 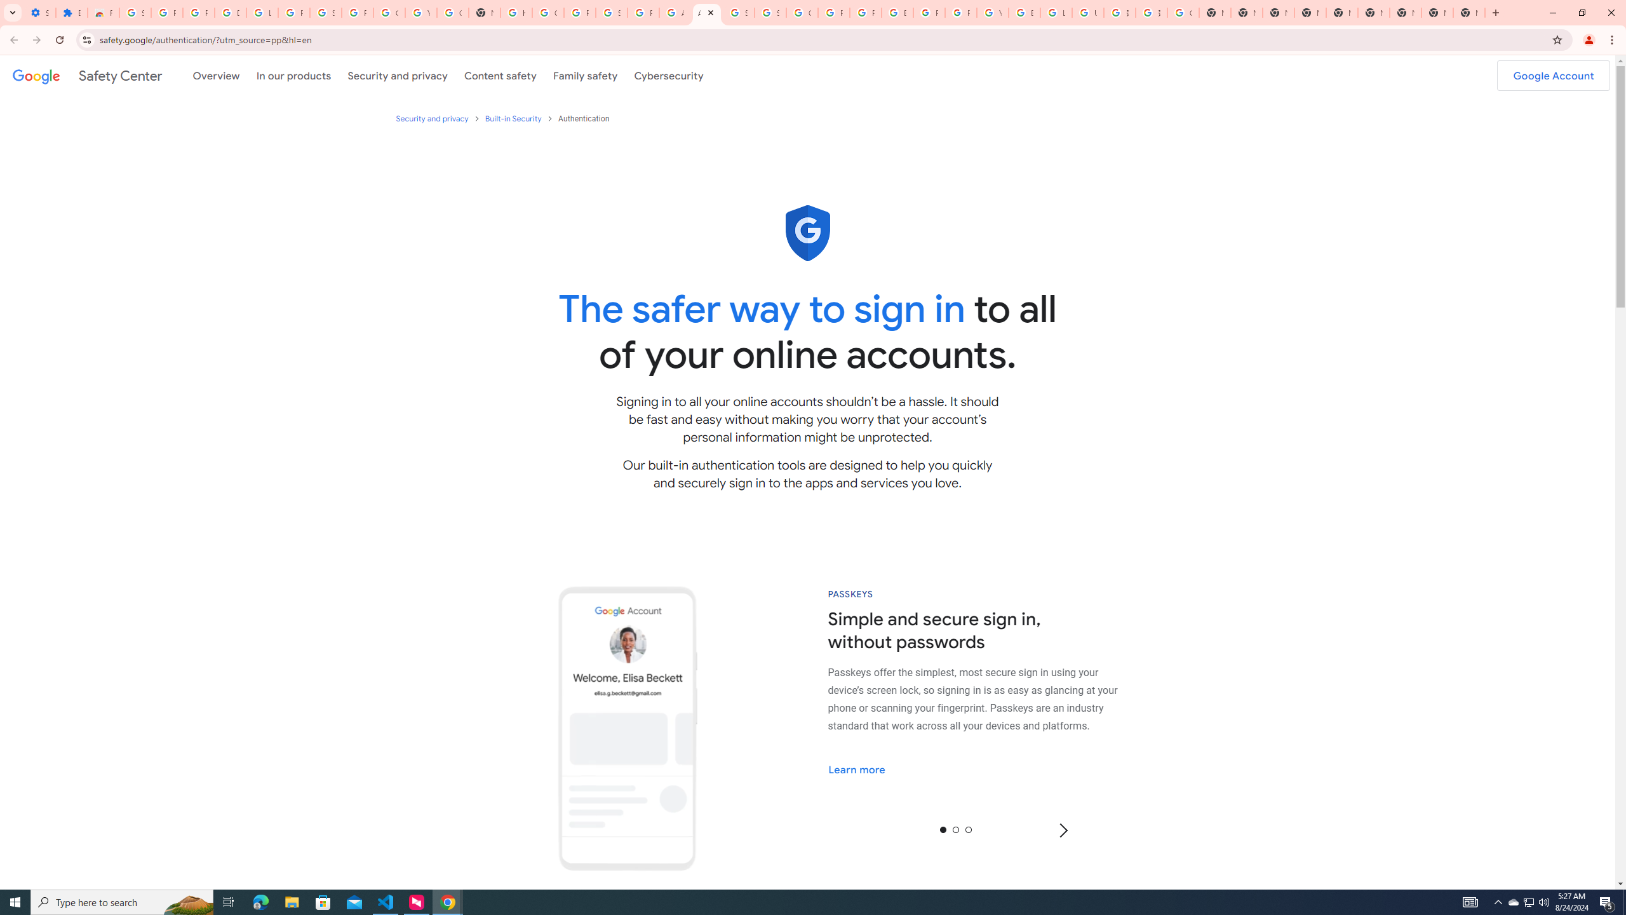 What do you see at coordinates (262, 12) in the screenshot?
I see `'Learn how to find your photos - Google Photos Help'` at bounding box center [262, 12].